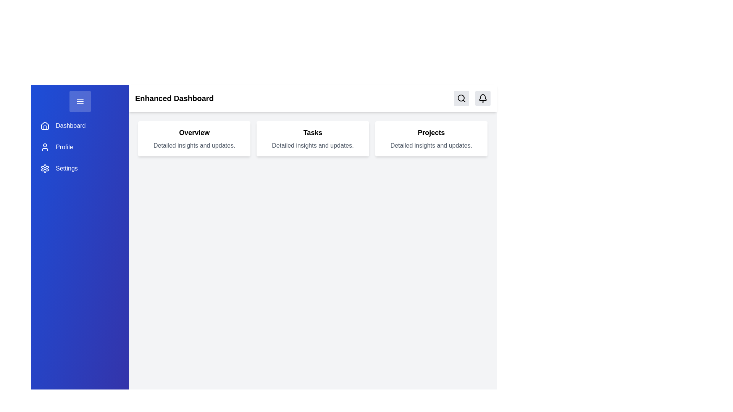 This screenshot has height=412, width=733. I want to click on the Dashboard icon, which is a non-interactive visual element located at the top of the sidebar navigation items, so click(45, 127).